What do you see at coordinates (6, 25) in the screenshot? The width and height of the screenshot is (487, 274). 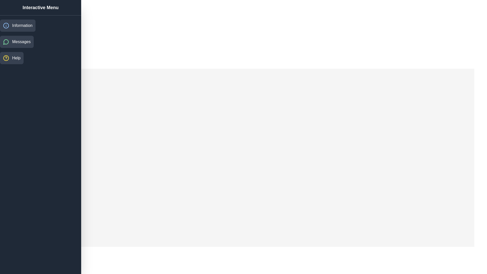 I see `the decorative circle element inside the 'Information' button located on the left side of the interface` at bounding box center [6, 25].